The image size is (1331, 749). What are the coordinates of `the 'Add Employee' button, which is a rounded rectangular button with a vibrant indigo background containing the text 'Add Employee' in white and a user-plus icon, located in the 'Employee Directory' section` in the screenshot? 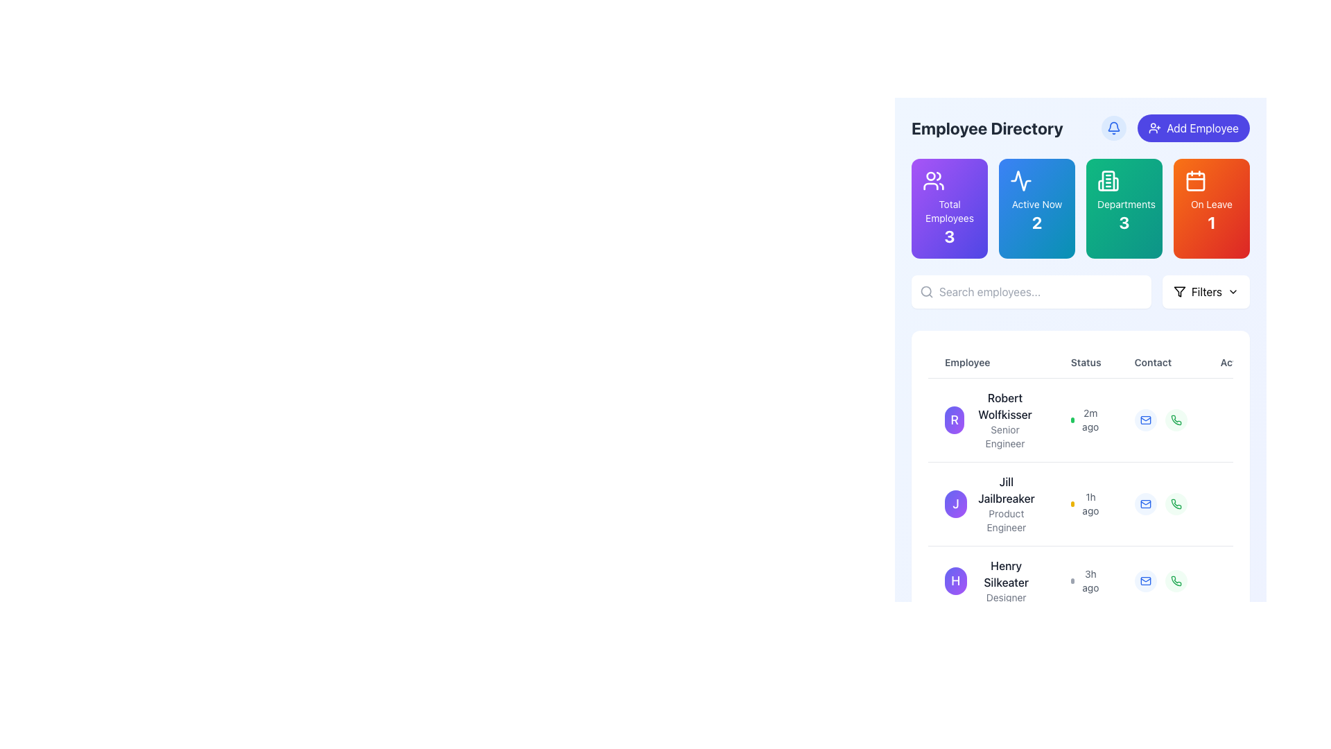 It's located at (1175, 128).